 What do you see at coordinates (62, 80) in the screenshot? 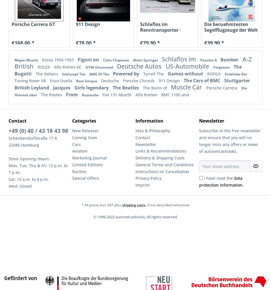
I see `'Enzo Osella'` at bounding box center [62, 80].